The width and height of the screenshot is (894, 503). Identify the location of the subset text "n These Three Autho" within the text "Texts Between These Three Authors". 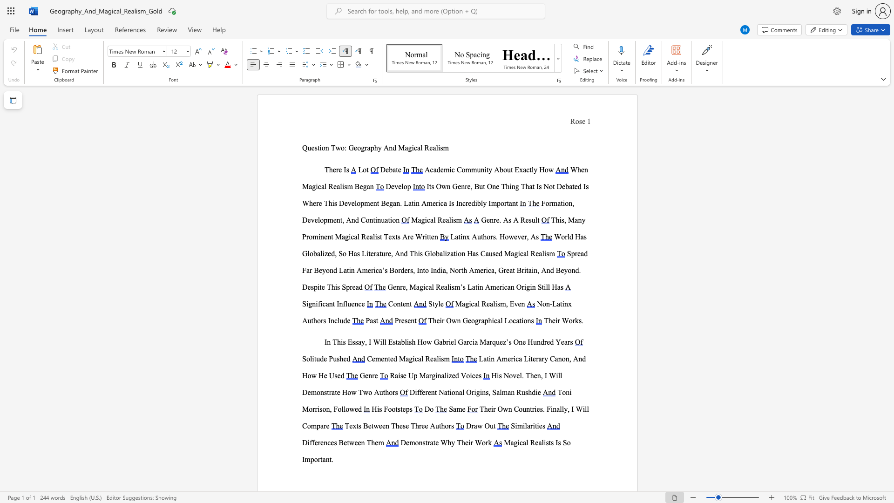
(386, 426).